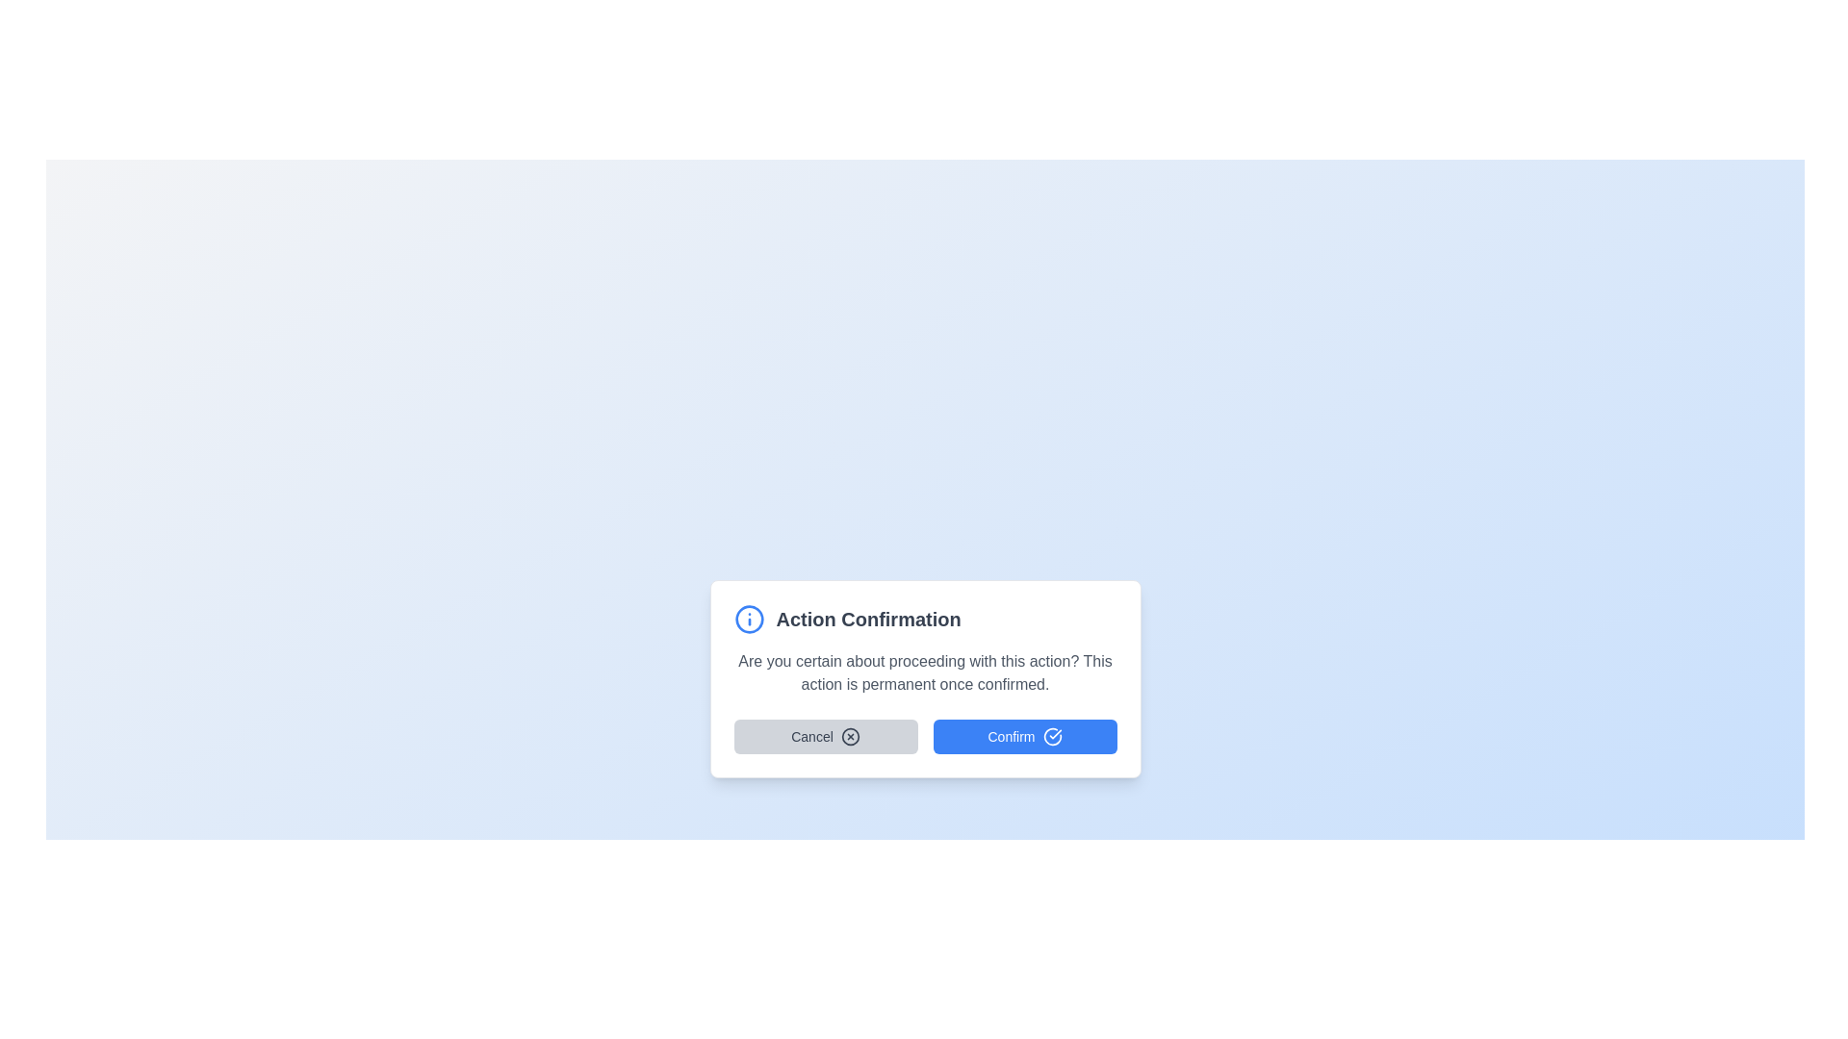  What do you see at coordinates (1051, 736) in the screenshot?
I see `the circular checkmark icon located to the immediate right of the 'Confirm' button` at bounding box center [1051, 736].